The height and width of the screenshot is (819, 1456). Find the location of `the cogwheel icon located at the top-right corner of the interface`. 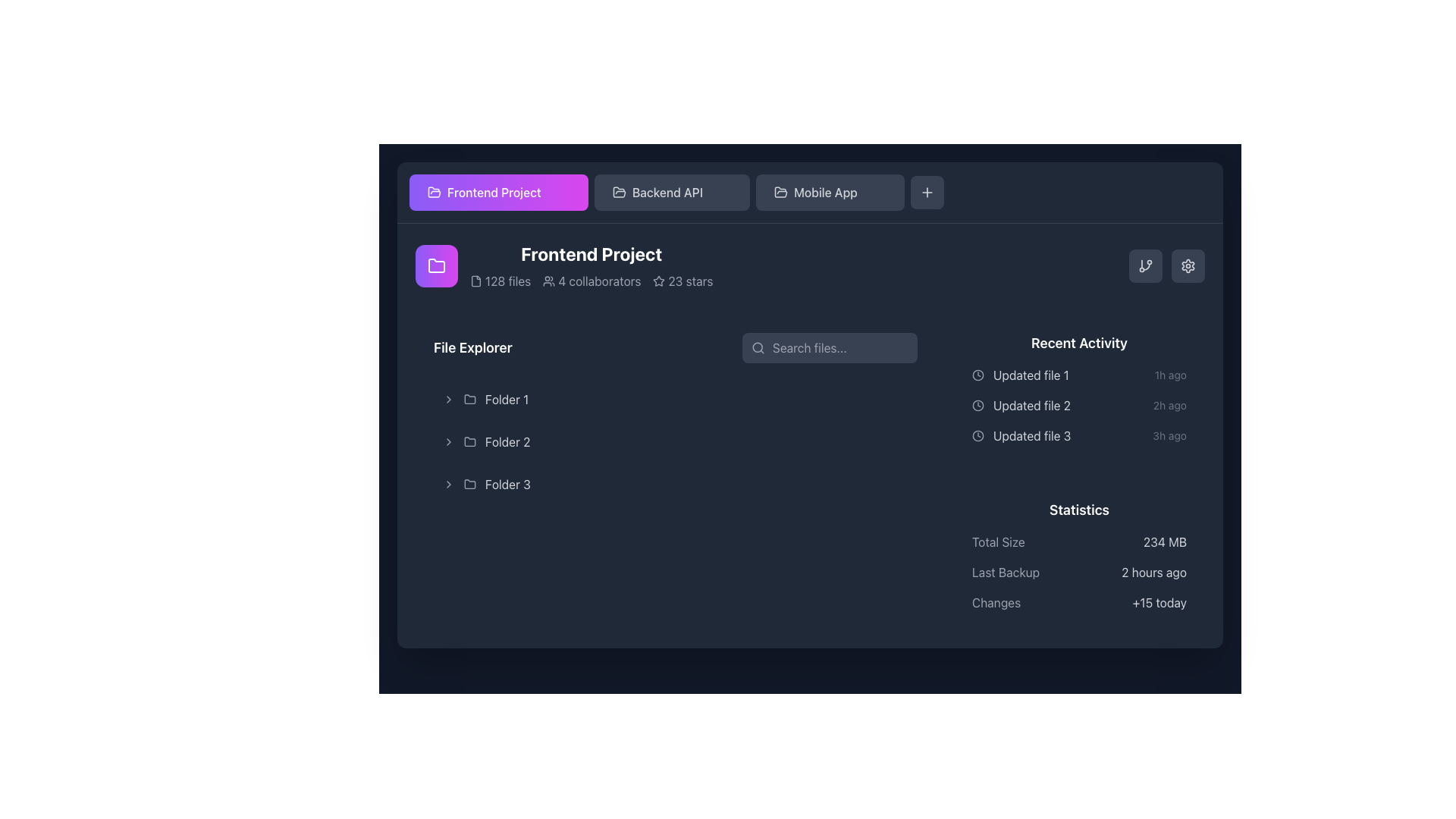

the cogwheel icon located at the top-right corner of the interface is located at coordinates (1187, 265).